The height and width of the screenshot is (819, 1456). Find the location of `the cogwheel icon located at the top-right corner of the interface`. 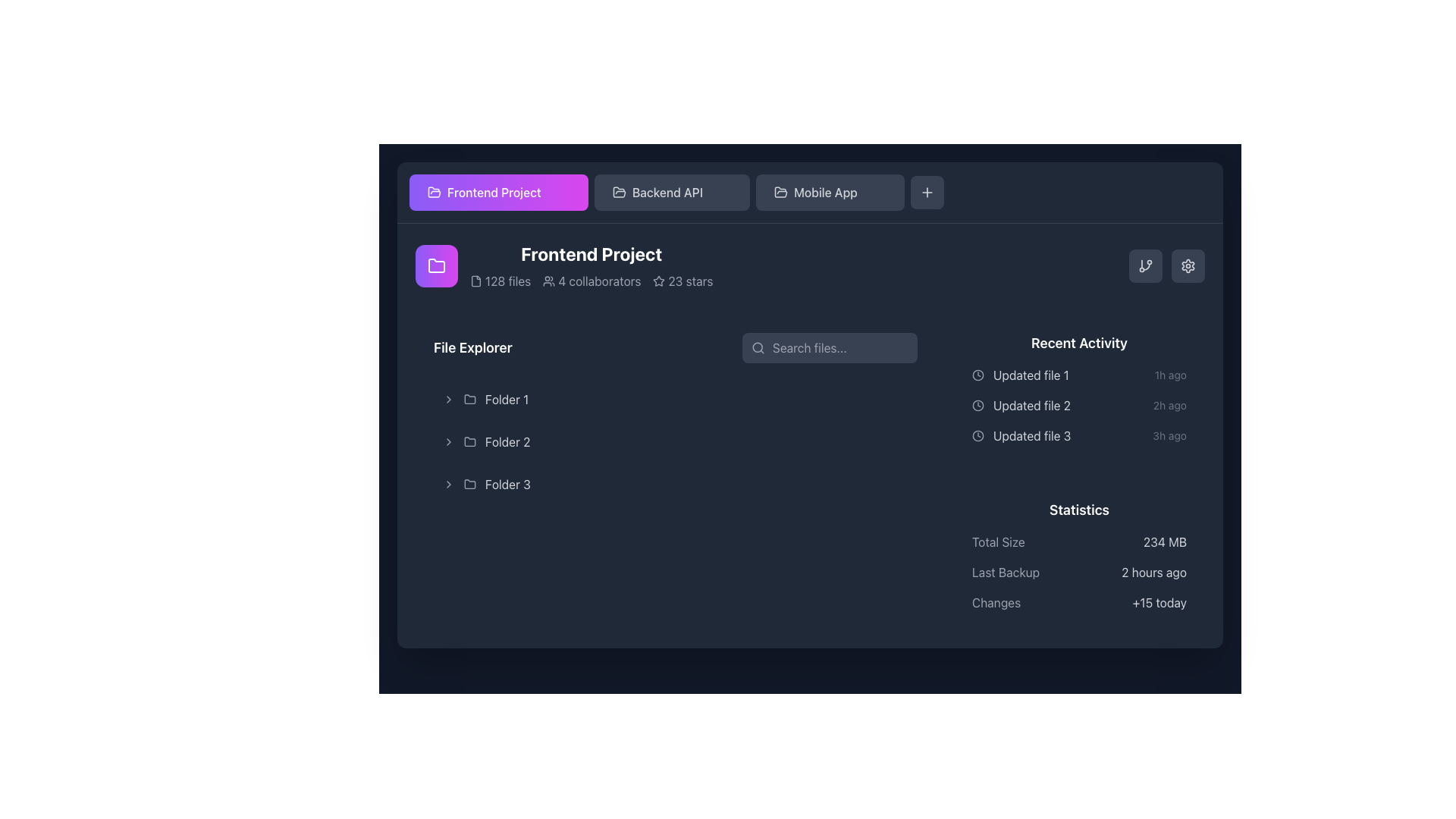

the cogwheel icon located at the top-right corner of the interface is located at coordinates (1187, 265).